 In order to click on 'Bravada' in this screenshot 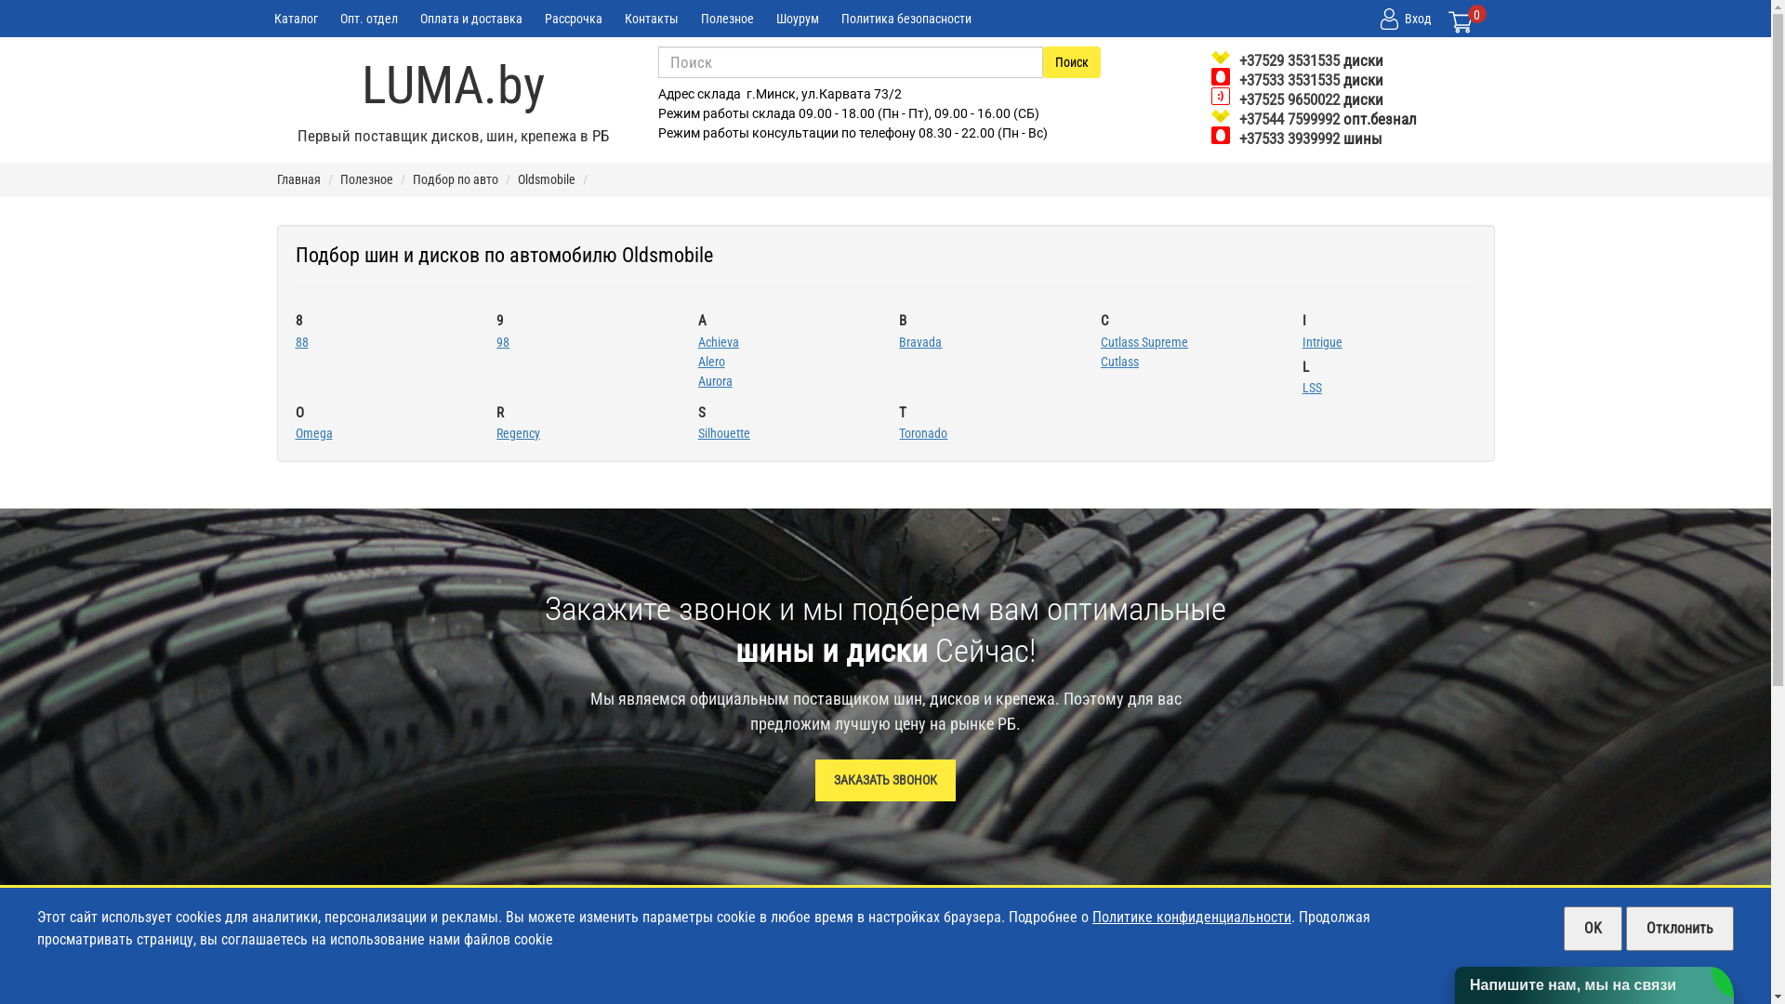, I will do `click(919, 341)`.